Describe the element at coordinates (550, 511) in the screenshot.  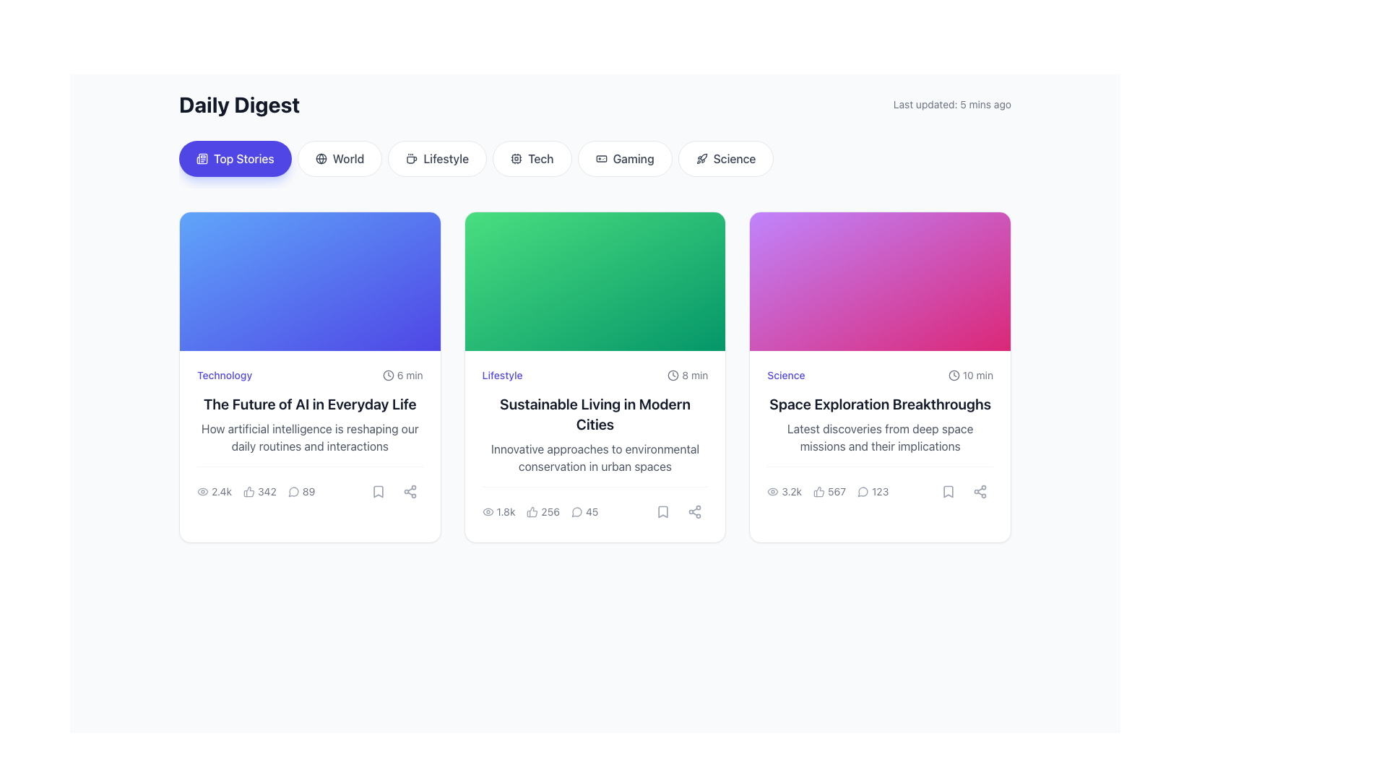
I see `the text label displaying the number '256', which is styled in gray and positioned between a thumbs-up icon and a comment icon on the second content card` at that location.